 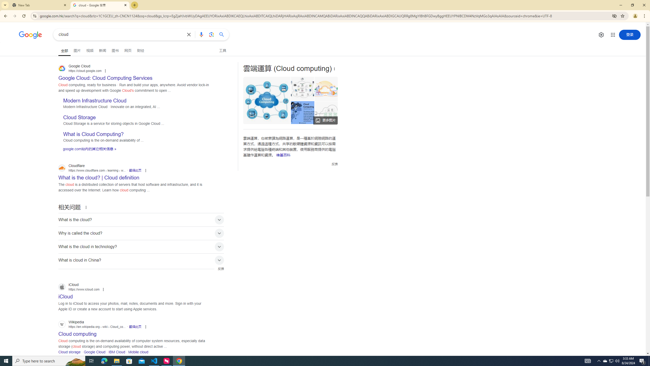 What do you see at coordinates (69, 352) in the screenshot?
I see `'Cloud storage'` at bounding box center [69, 352].